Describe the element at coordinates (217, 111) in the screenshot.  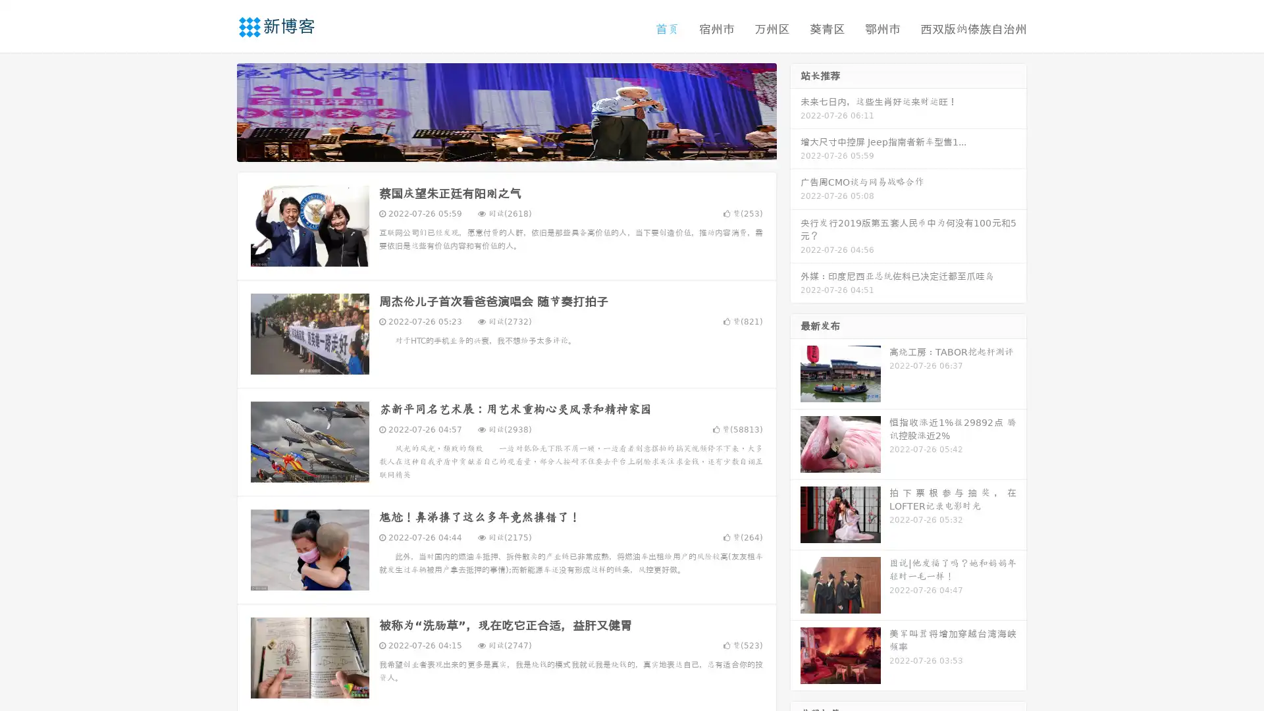
I see `Previous slide` at that location.